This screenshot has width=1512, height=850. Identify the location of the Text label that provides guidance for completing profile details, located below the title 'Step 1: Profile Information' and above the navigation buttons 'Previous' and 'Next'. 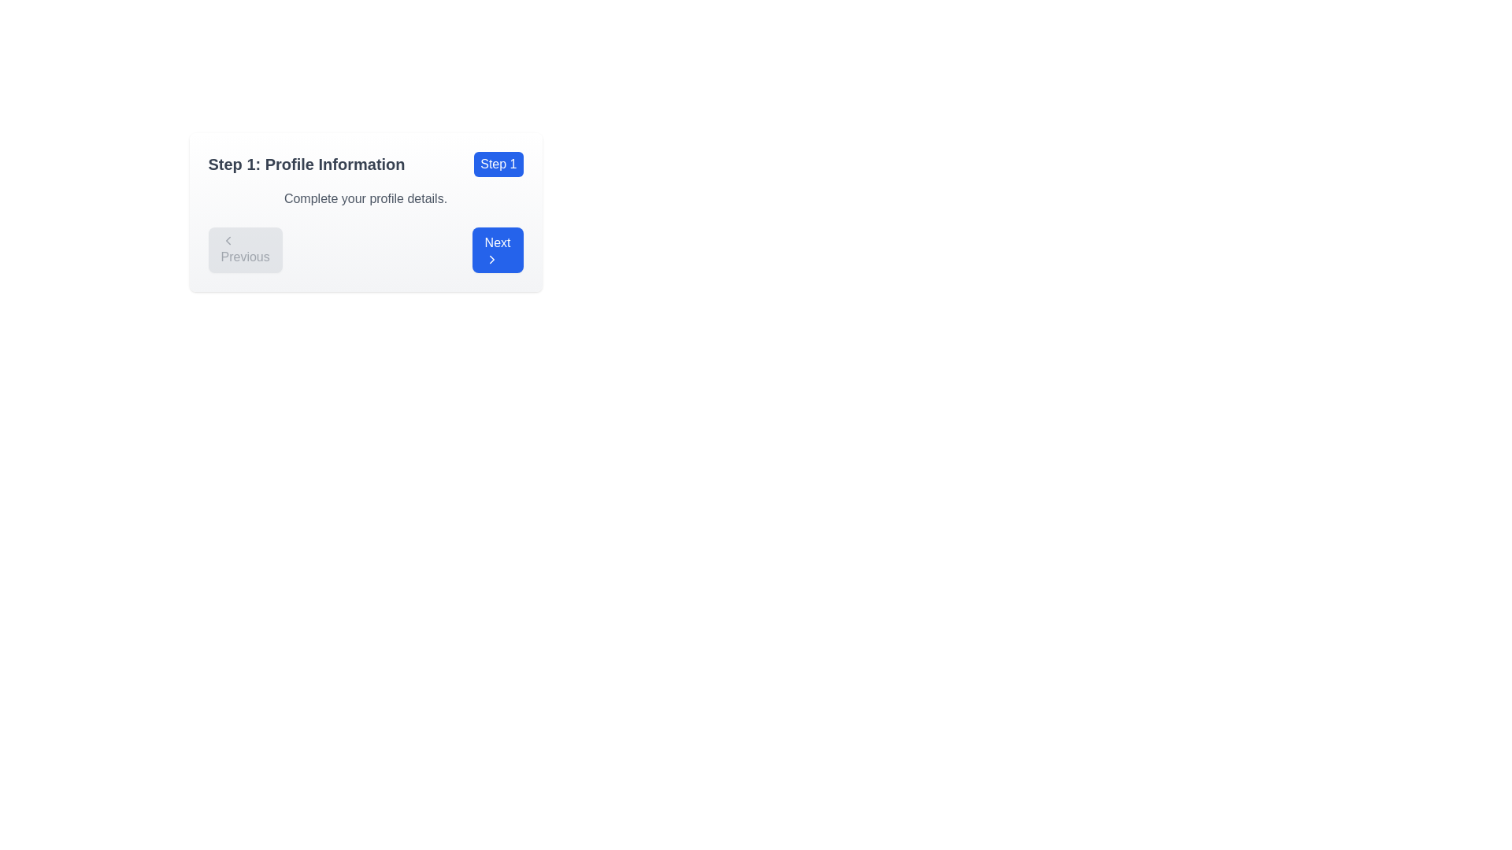
(365, 198).